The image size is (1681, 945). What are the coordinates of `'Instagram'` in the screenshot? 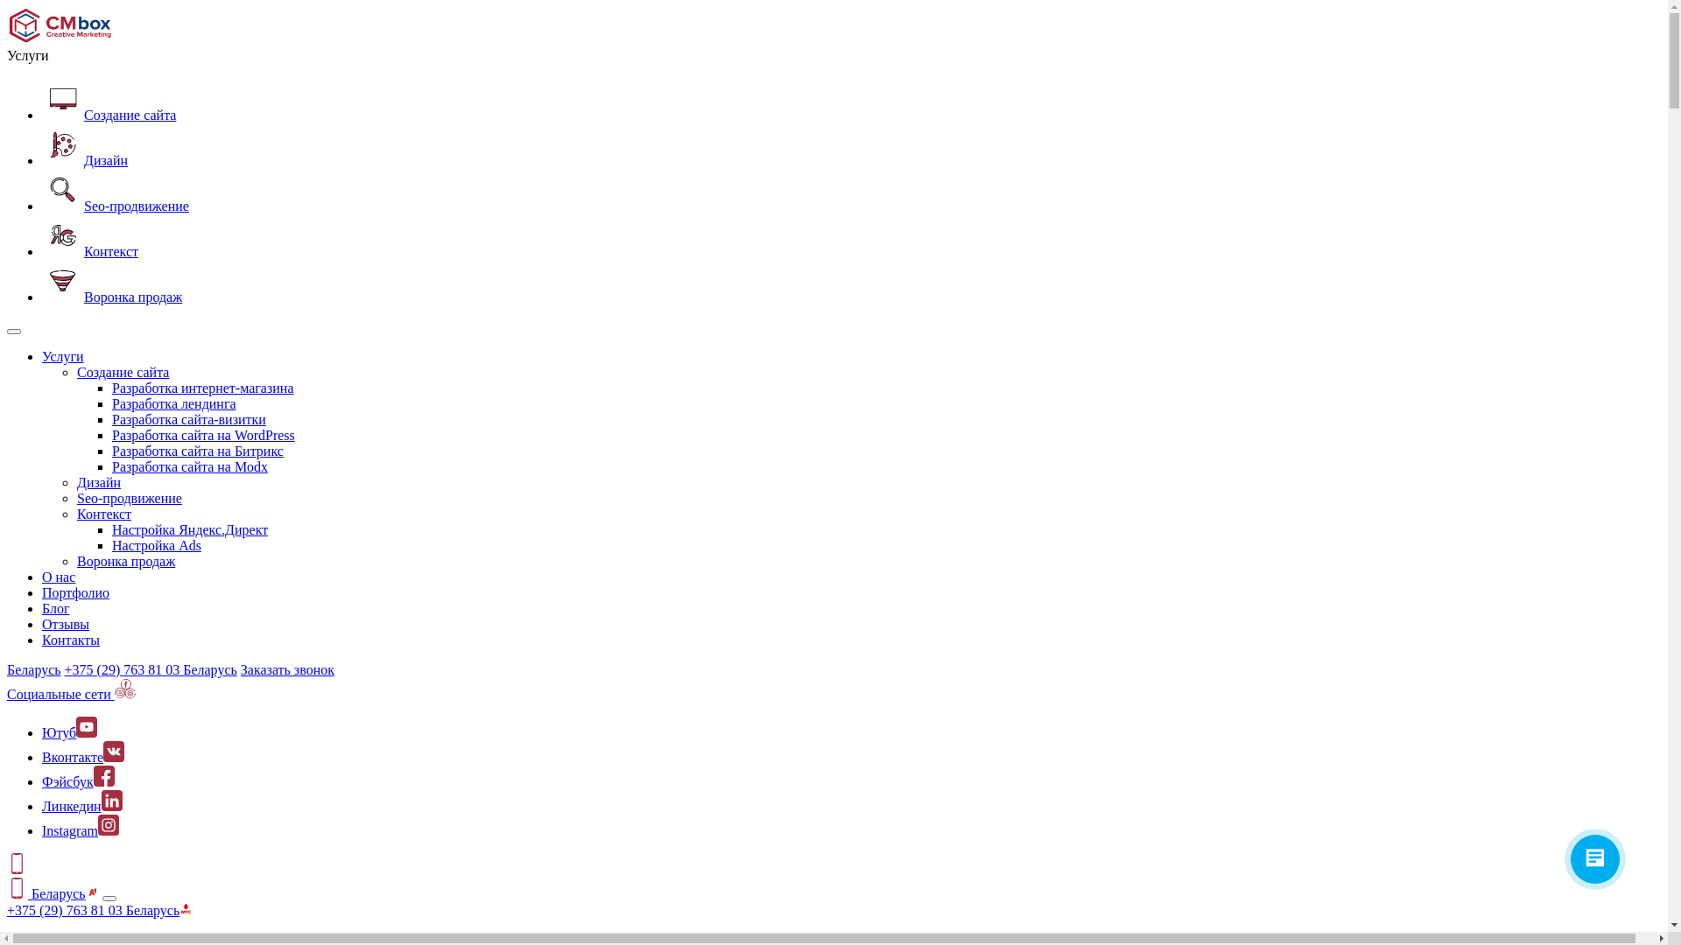 It's located at (79, 829).